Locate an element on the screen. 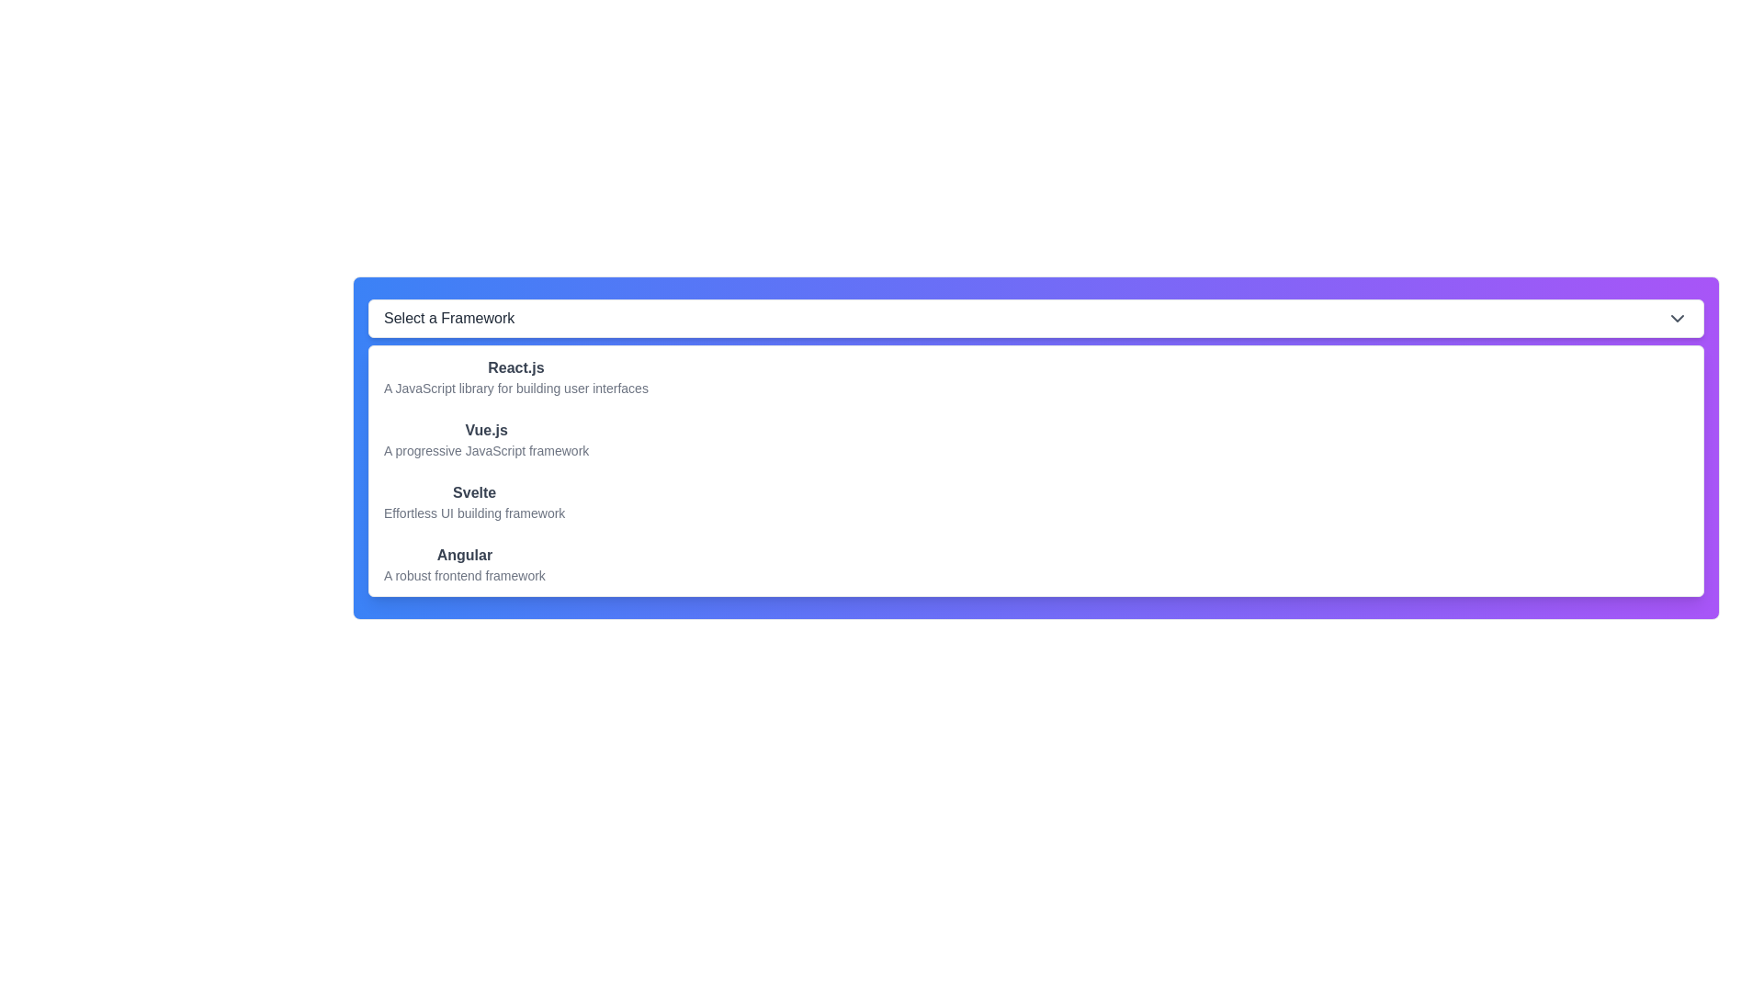  text label that serves as the title 'React.js' within the dropdown list of framework options is located at coordinates (514, 368).